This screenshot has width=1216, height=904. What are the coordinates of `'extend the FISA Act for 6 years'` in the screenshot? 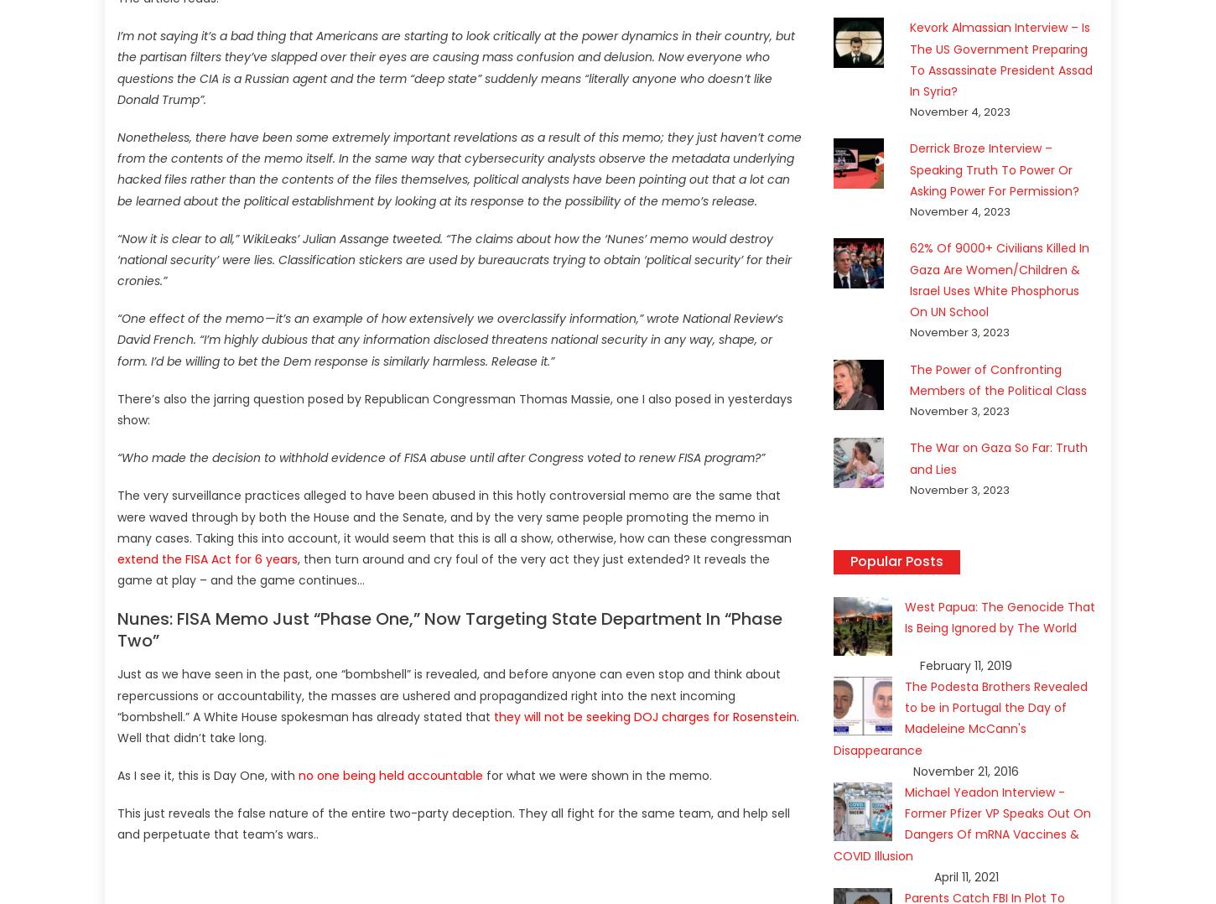 It's located at (207, 558).